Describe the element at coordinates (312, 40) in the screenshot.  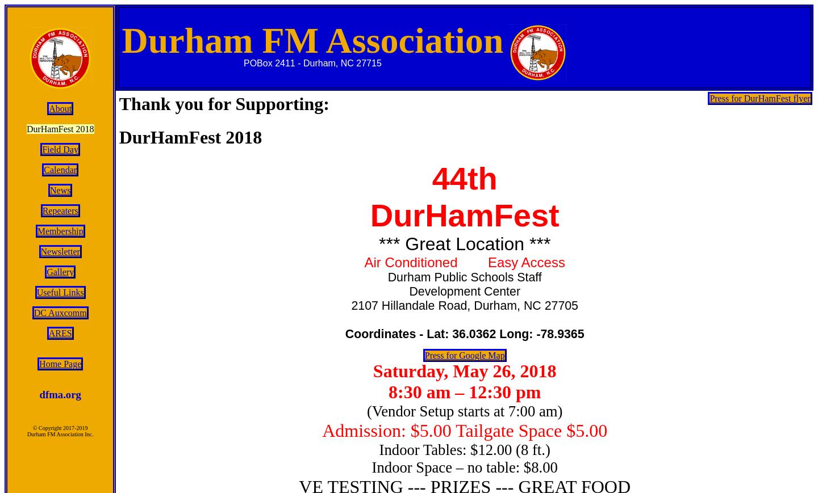
I see `'Durham FM Association'` at that location.